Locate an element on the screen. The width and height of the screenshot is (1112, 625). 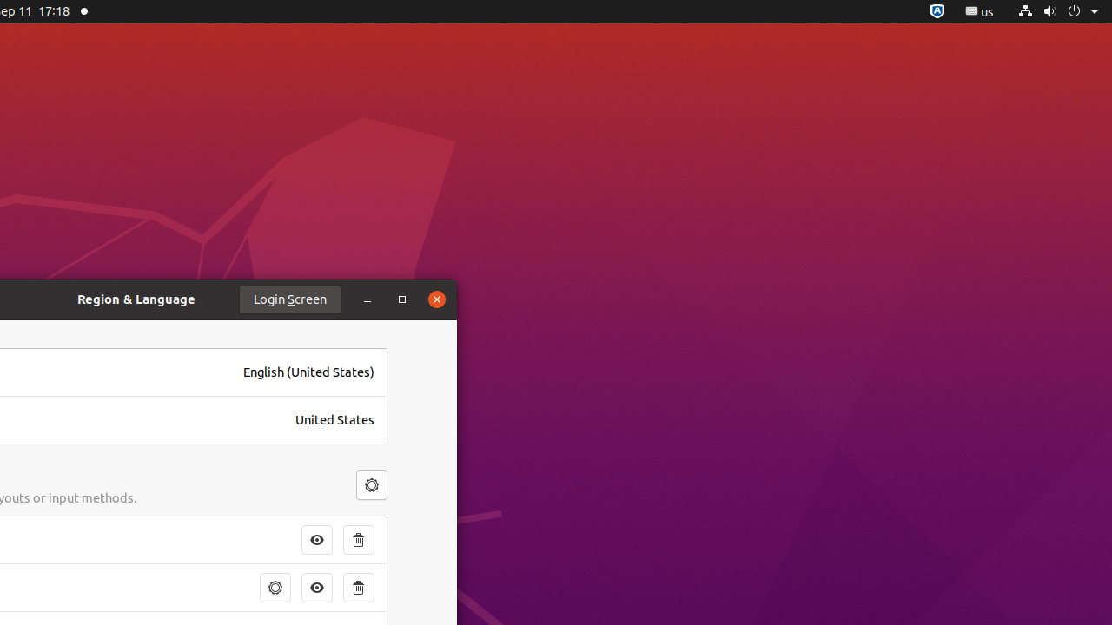
'Login Screen' is located at coordinates (289, 299).